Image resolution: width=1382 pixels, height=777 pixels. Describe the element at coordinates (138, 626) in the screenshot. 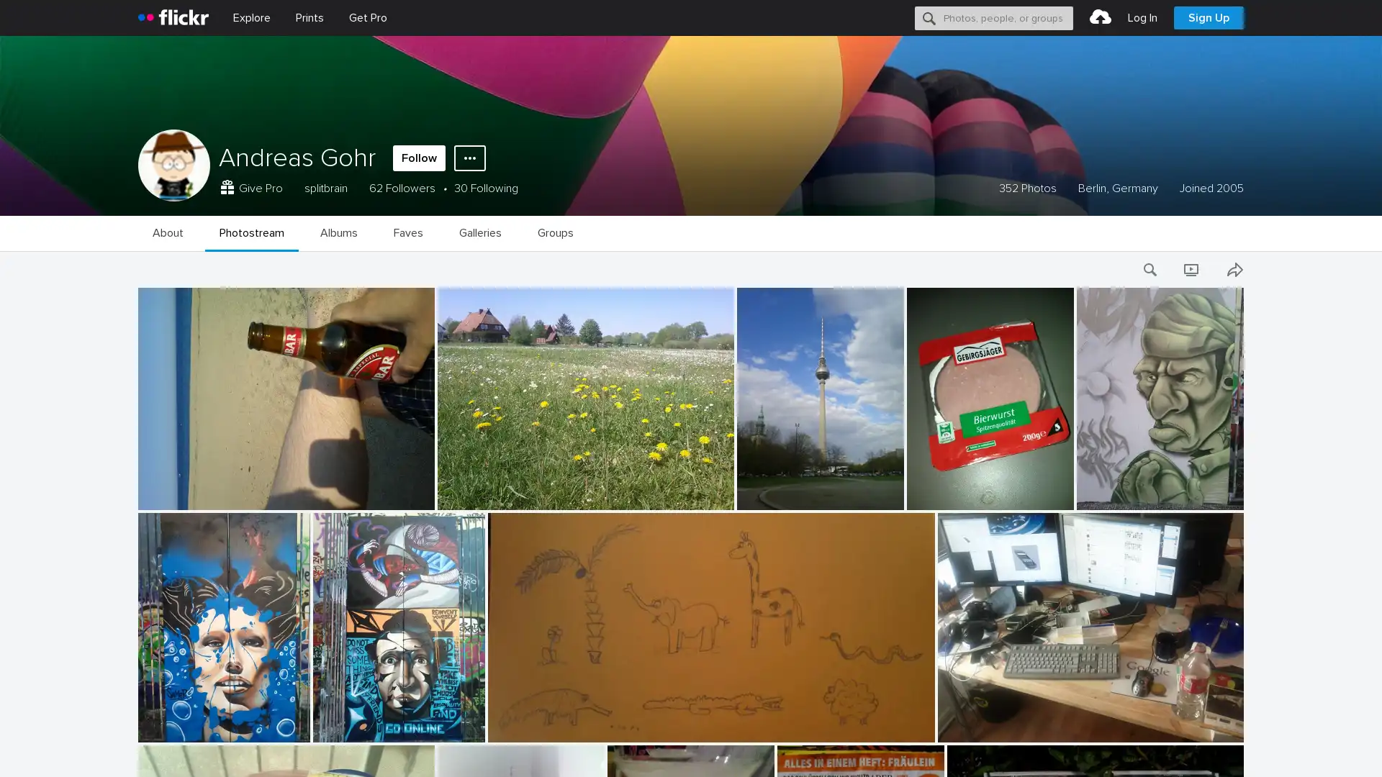

I see `Add to Favorites` at that location.